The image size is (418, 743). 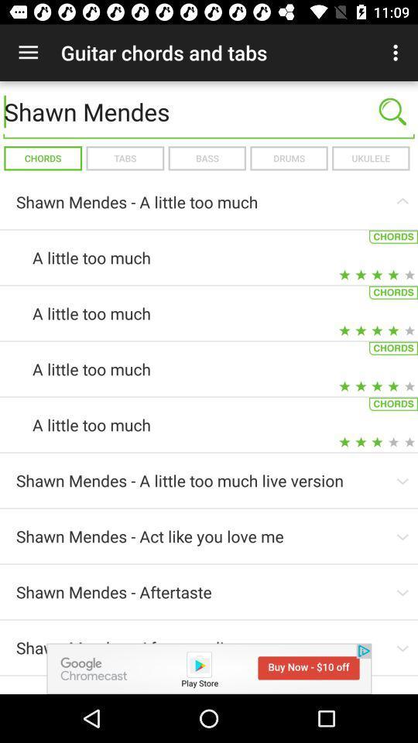 I want to click on the ukulele item, so click(x=370, y=158).